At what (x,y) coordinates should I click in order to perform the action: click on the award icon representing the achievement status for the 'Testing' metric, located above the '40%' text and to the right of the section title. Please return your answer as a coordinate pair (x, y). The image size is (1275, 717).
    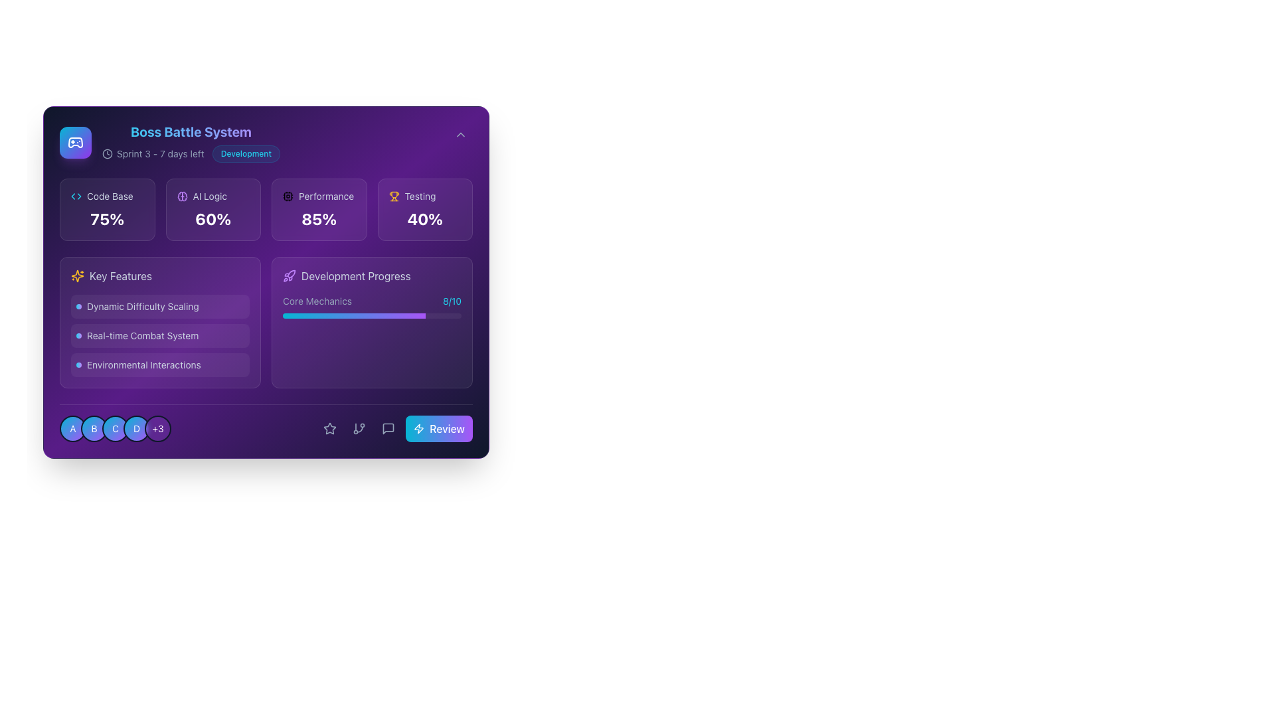
    Looking at the image, I should click on (393, 195).